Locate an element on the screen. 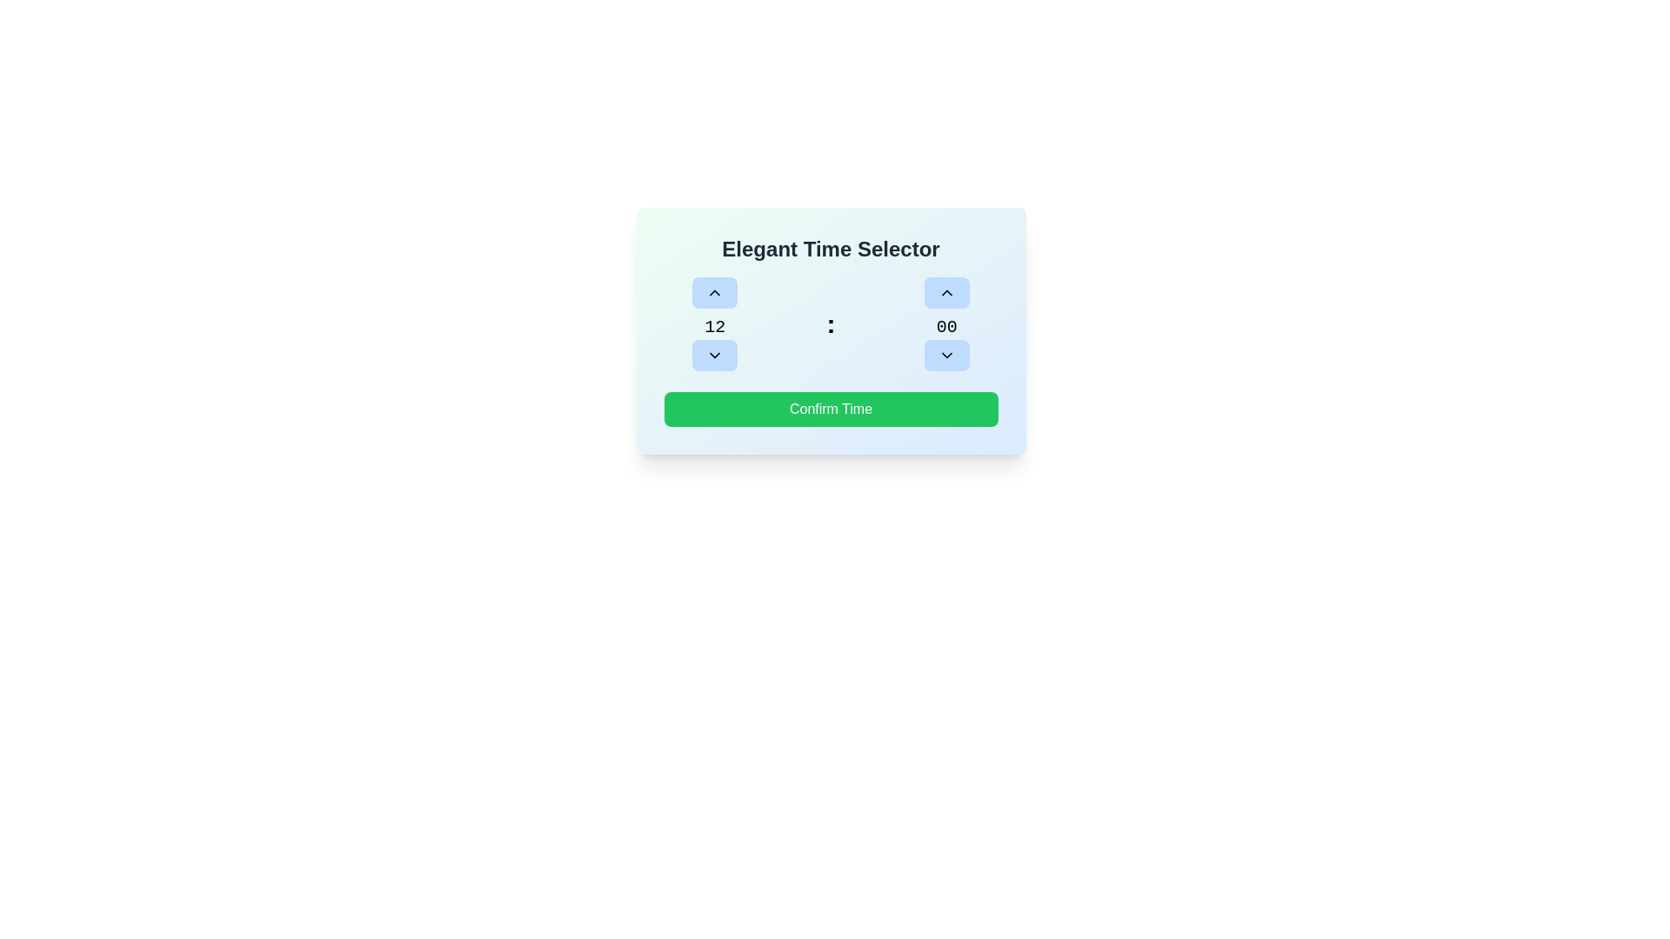 This screenshot has height=939, width=1670. the increment button located at the top-left area of the time selector interface, directly above the number '12', to increment the hour value is located at coordinates (714, 291).